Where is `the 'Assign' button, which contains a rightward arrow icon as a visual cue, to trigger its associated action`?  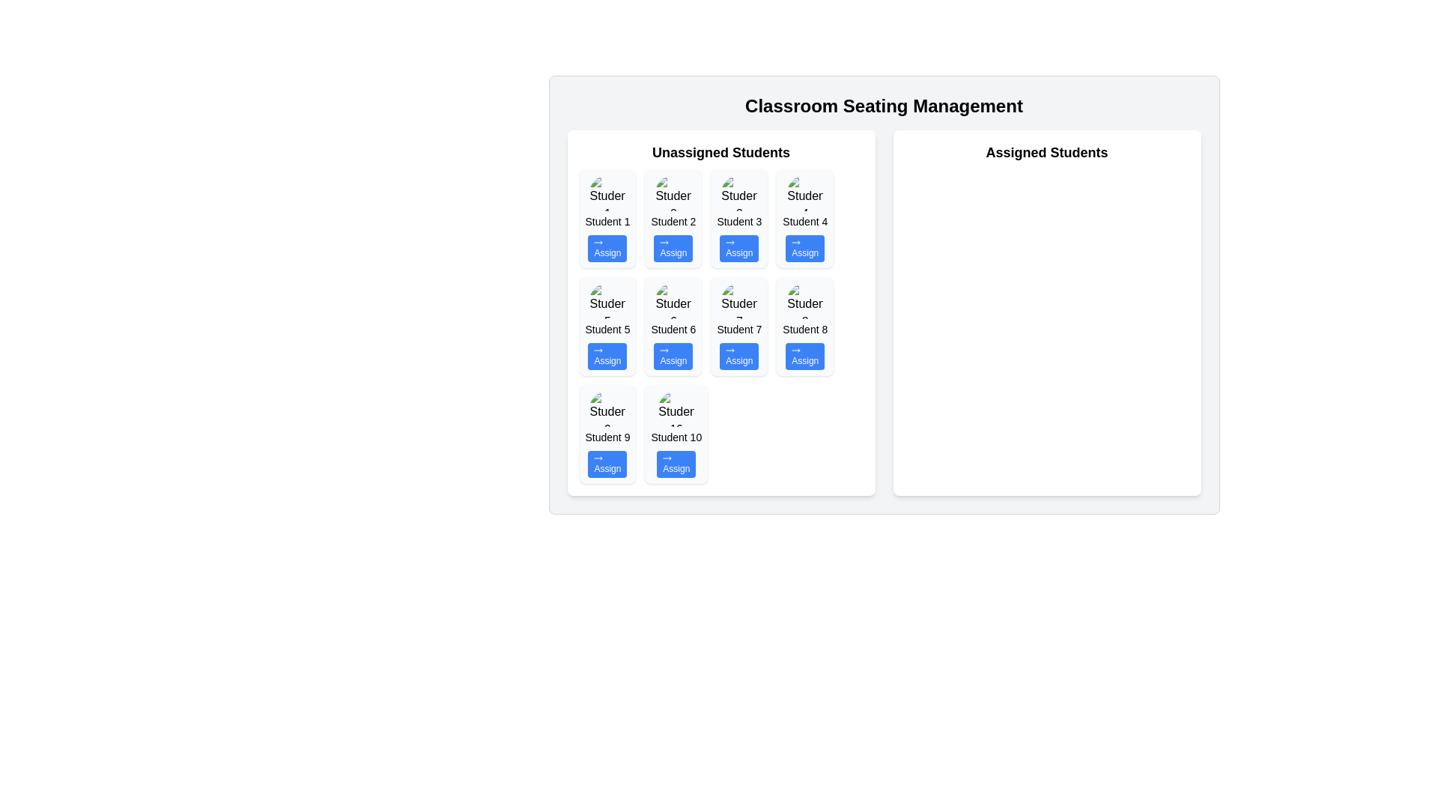 the 'Assign' button, which contains a rightward arrow icon as a visual cue, to trigger its associated action is located at coordinates (664, 350).